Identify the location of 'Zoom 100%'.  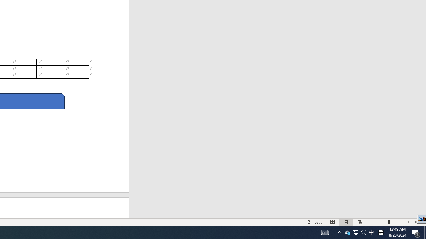
(418, 222).